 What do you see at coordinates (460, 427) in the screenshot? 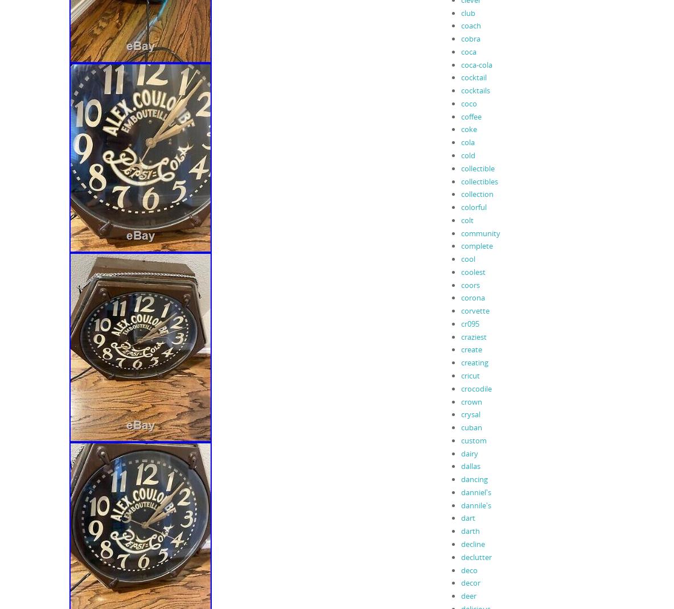
I see `'cuban'` at bounding box center [460, 427].